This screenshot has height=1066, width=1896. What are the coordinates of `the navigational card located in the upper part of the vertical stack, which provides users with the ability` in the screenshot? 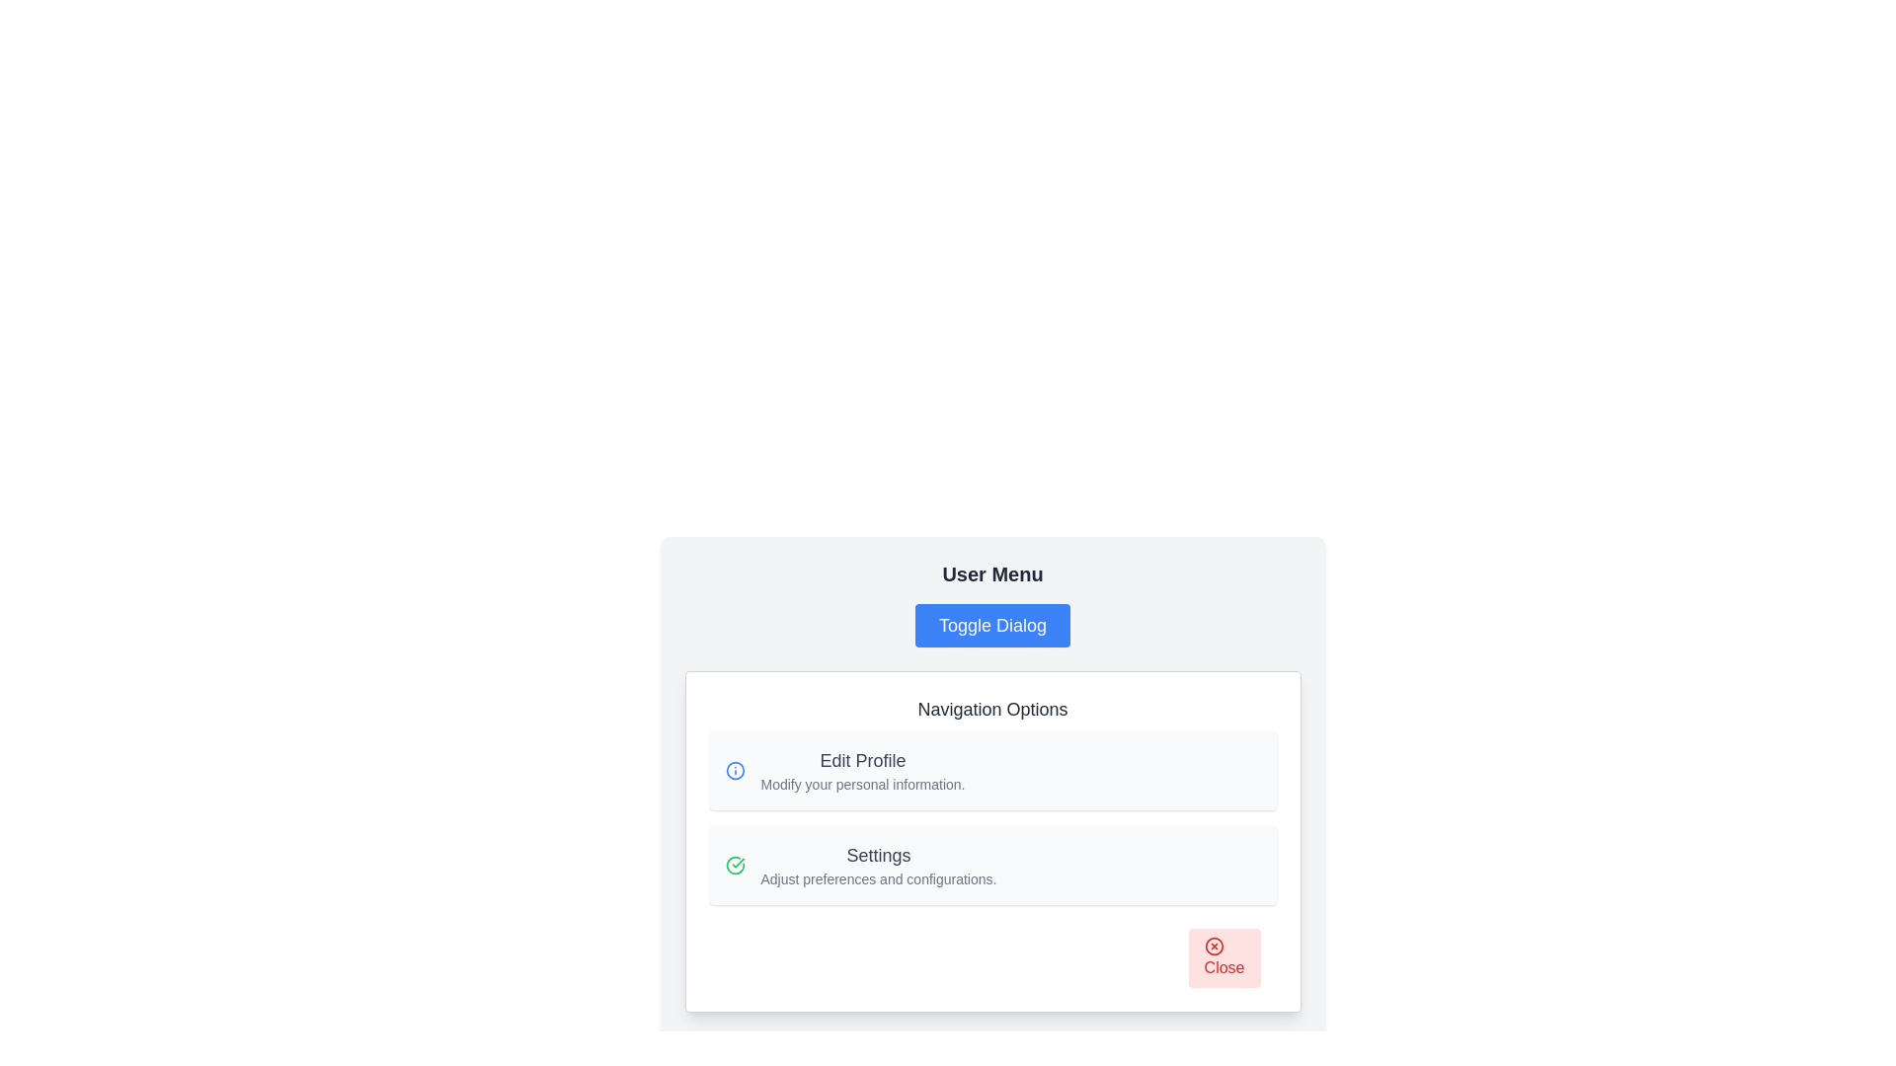 It's located at (992, 769).